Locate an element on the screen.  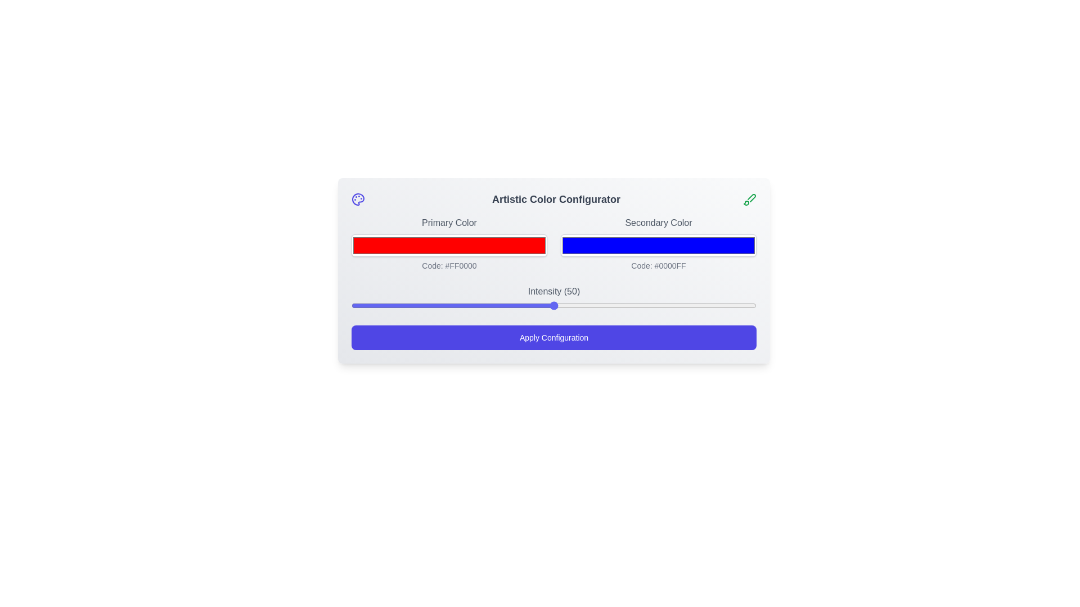
the secondary color input field to open the color picker is located at coordinates (659, 244).